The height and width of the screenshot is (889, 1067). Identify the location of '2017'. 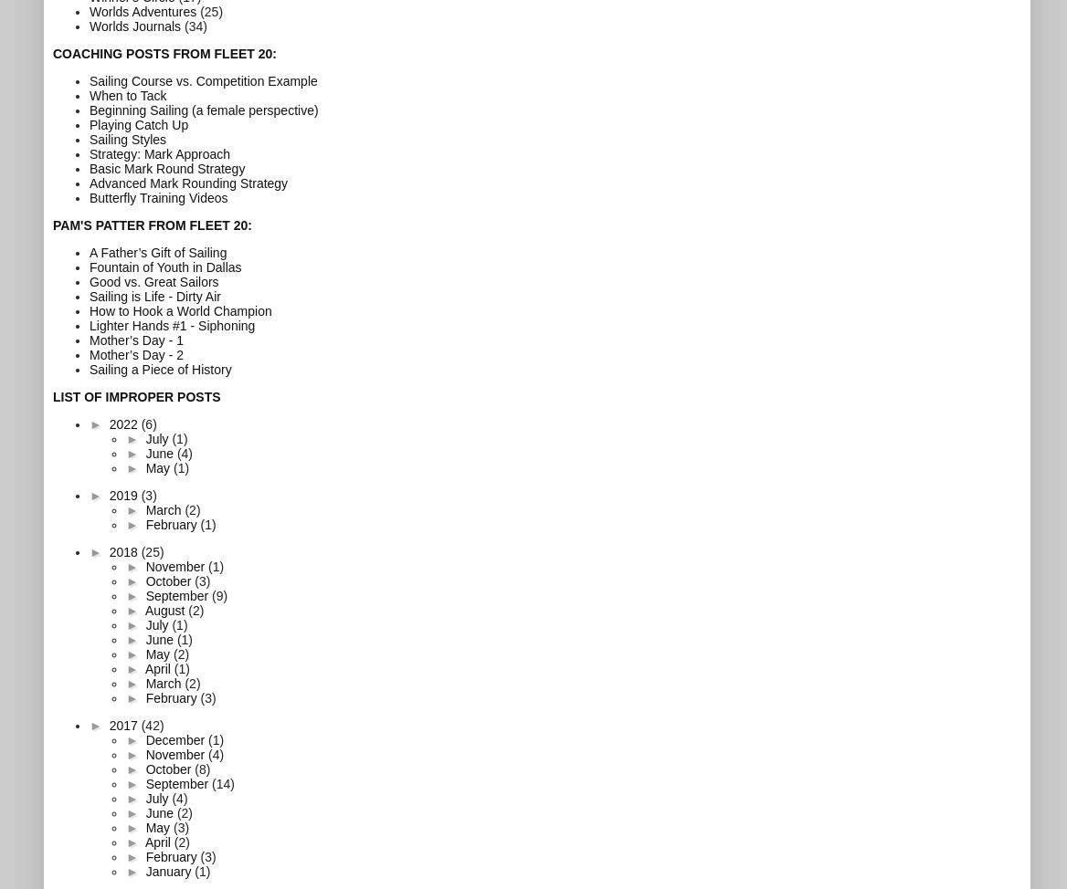
(123, 724).